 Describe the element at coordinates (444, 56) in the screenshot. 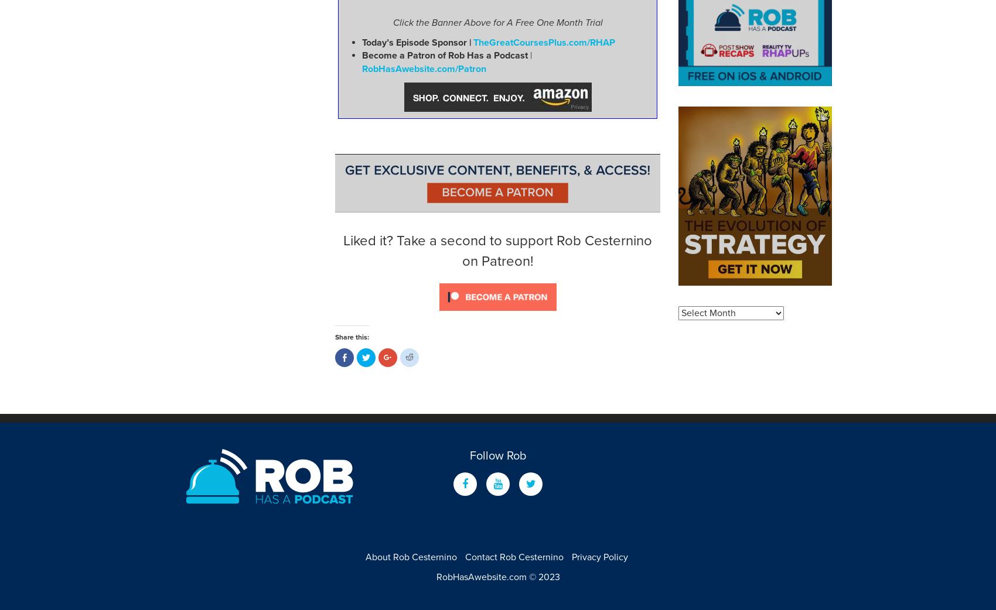

I see `'Become a Patron of Rob Has a Podcast'` at that location.